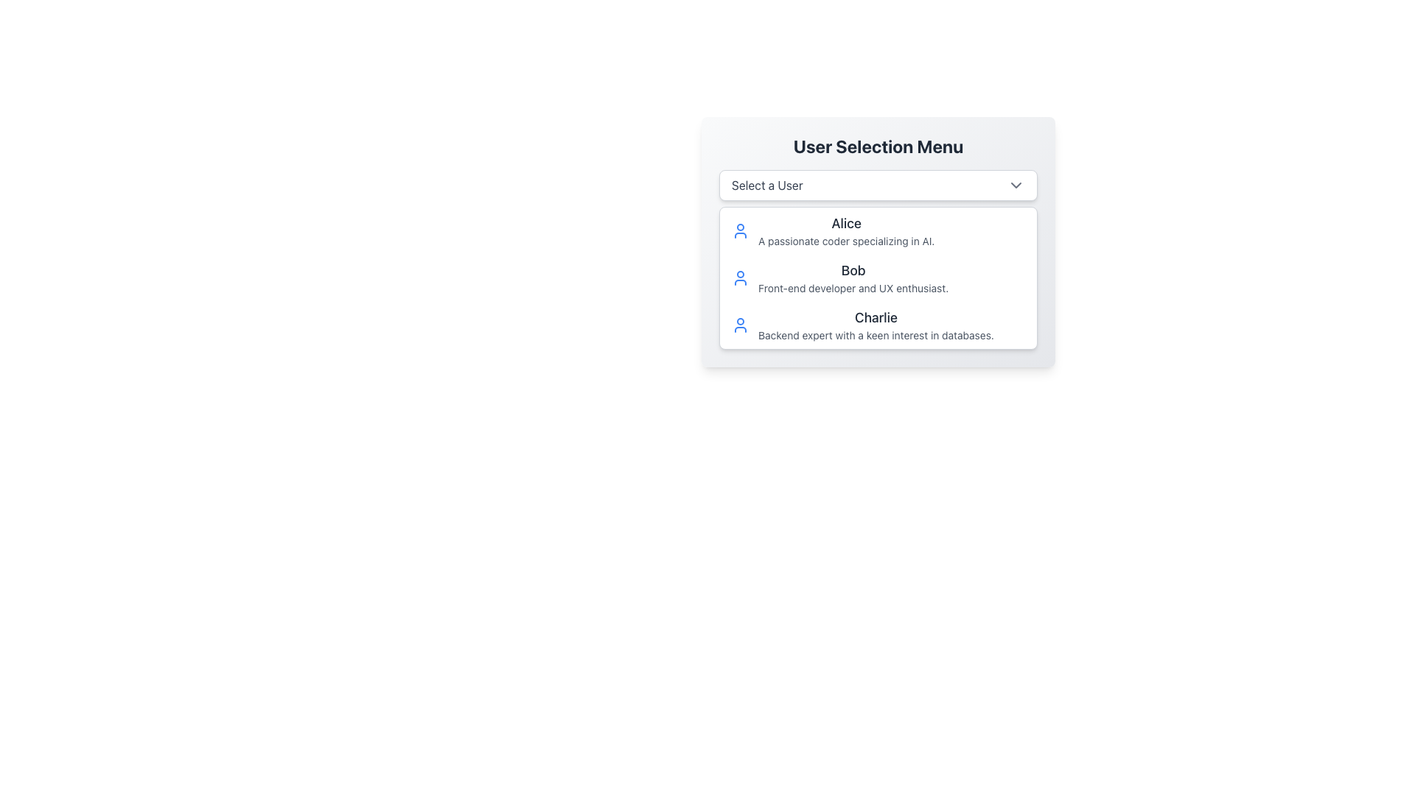 The height and width of the screenshot is (795, 1415). What do you see at coordinates (1015, 184) in the screenshot?
I see `the chevron-down icon that is styled for a dropdown interface, located to the right of the 'Select a User' label` at bounding box center [1015, 184].